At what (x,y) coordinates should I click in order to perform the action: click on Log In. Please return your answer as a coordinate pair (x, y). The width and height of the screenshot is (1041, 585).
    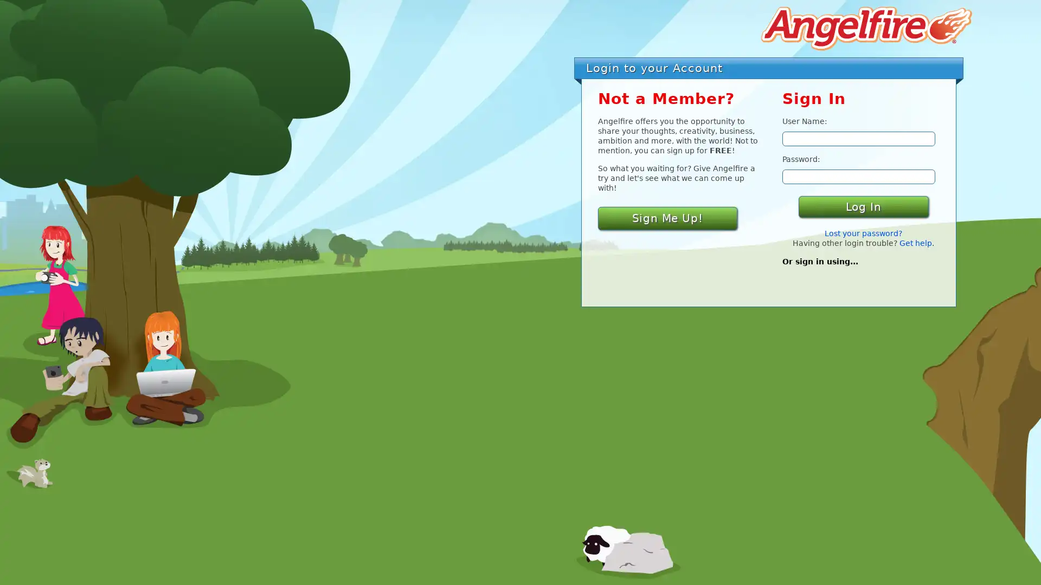
    Looking at the image, I should click on (863, 206).